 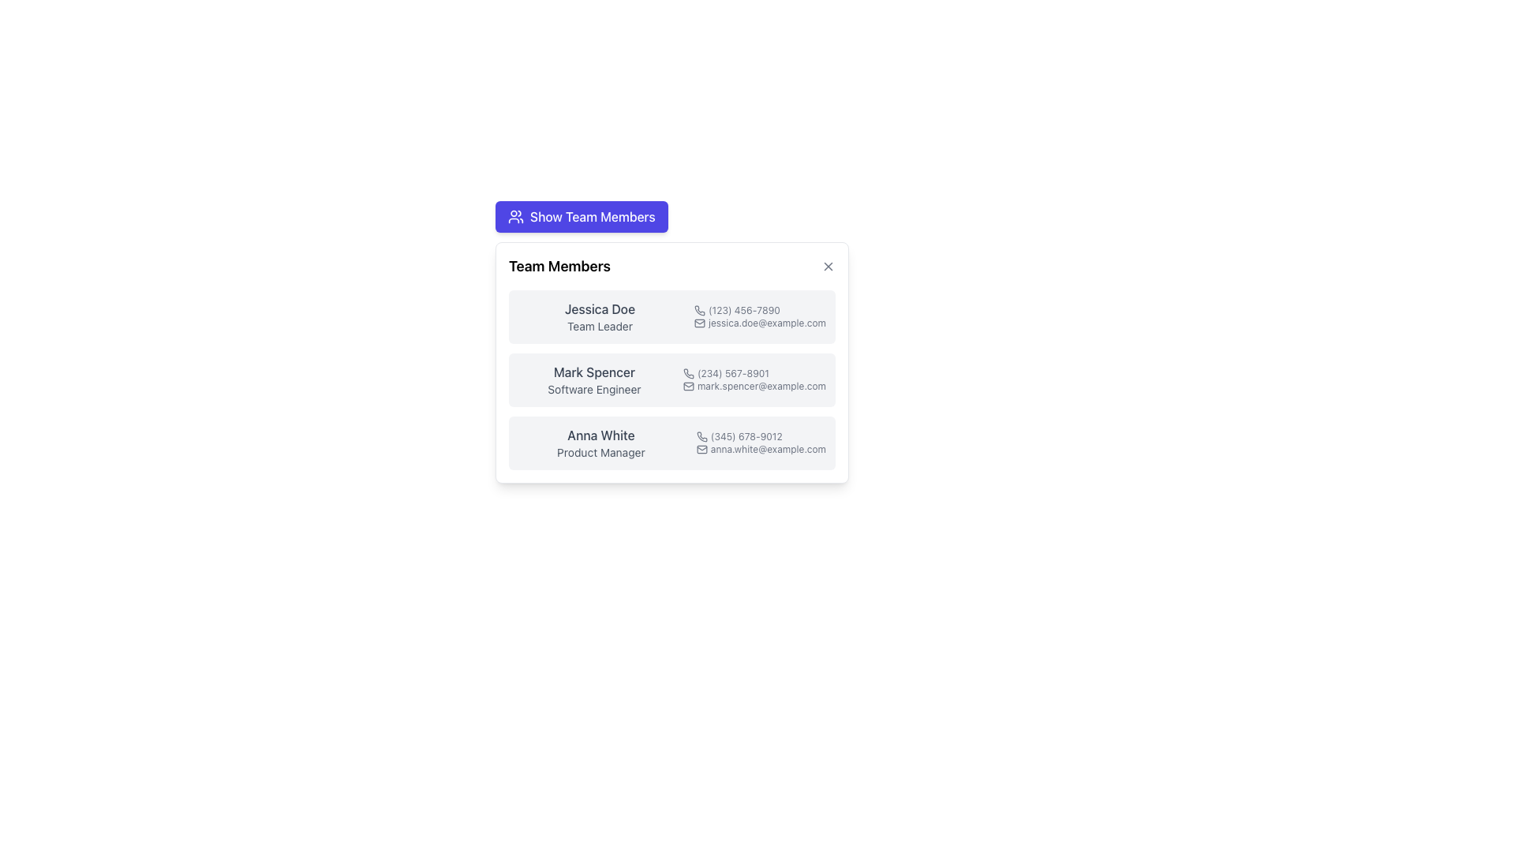 What do you see at coordinates (600, 443) in the screenshot?
I see `the Text Display indicating the name and role of a team member, located in the third slot of the user information card within the 'Team Members' modal dialogue` at bounding box center [600, 443].